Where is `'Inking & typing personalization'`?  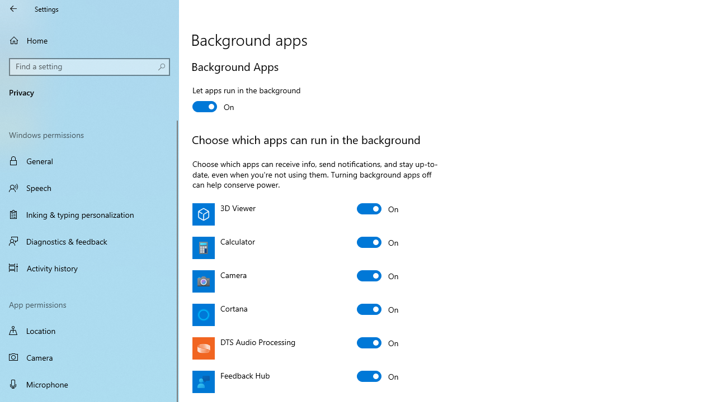 'Inking & typing personalization' is located at coordinates (89, 214).